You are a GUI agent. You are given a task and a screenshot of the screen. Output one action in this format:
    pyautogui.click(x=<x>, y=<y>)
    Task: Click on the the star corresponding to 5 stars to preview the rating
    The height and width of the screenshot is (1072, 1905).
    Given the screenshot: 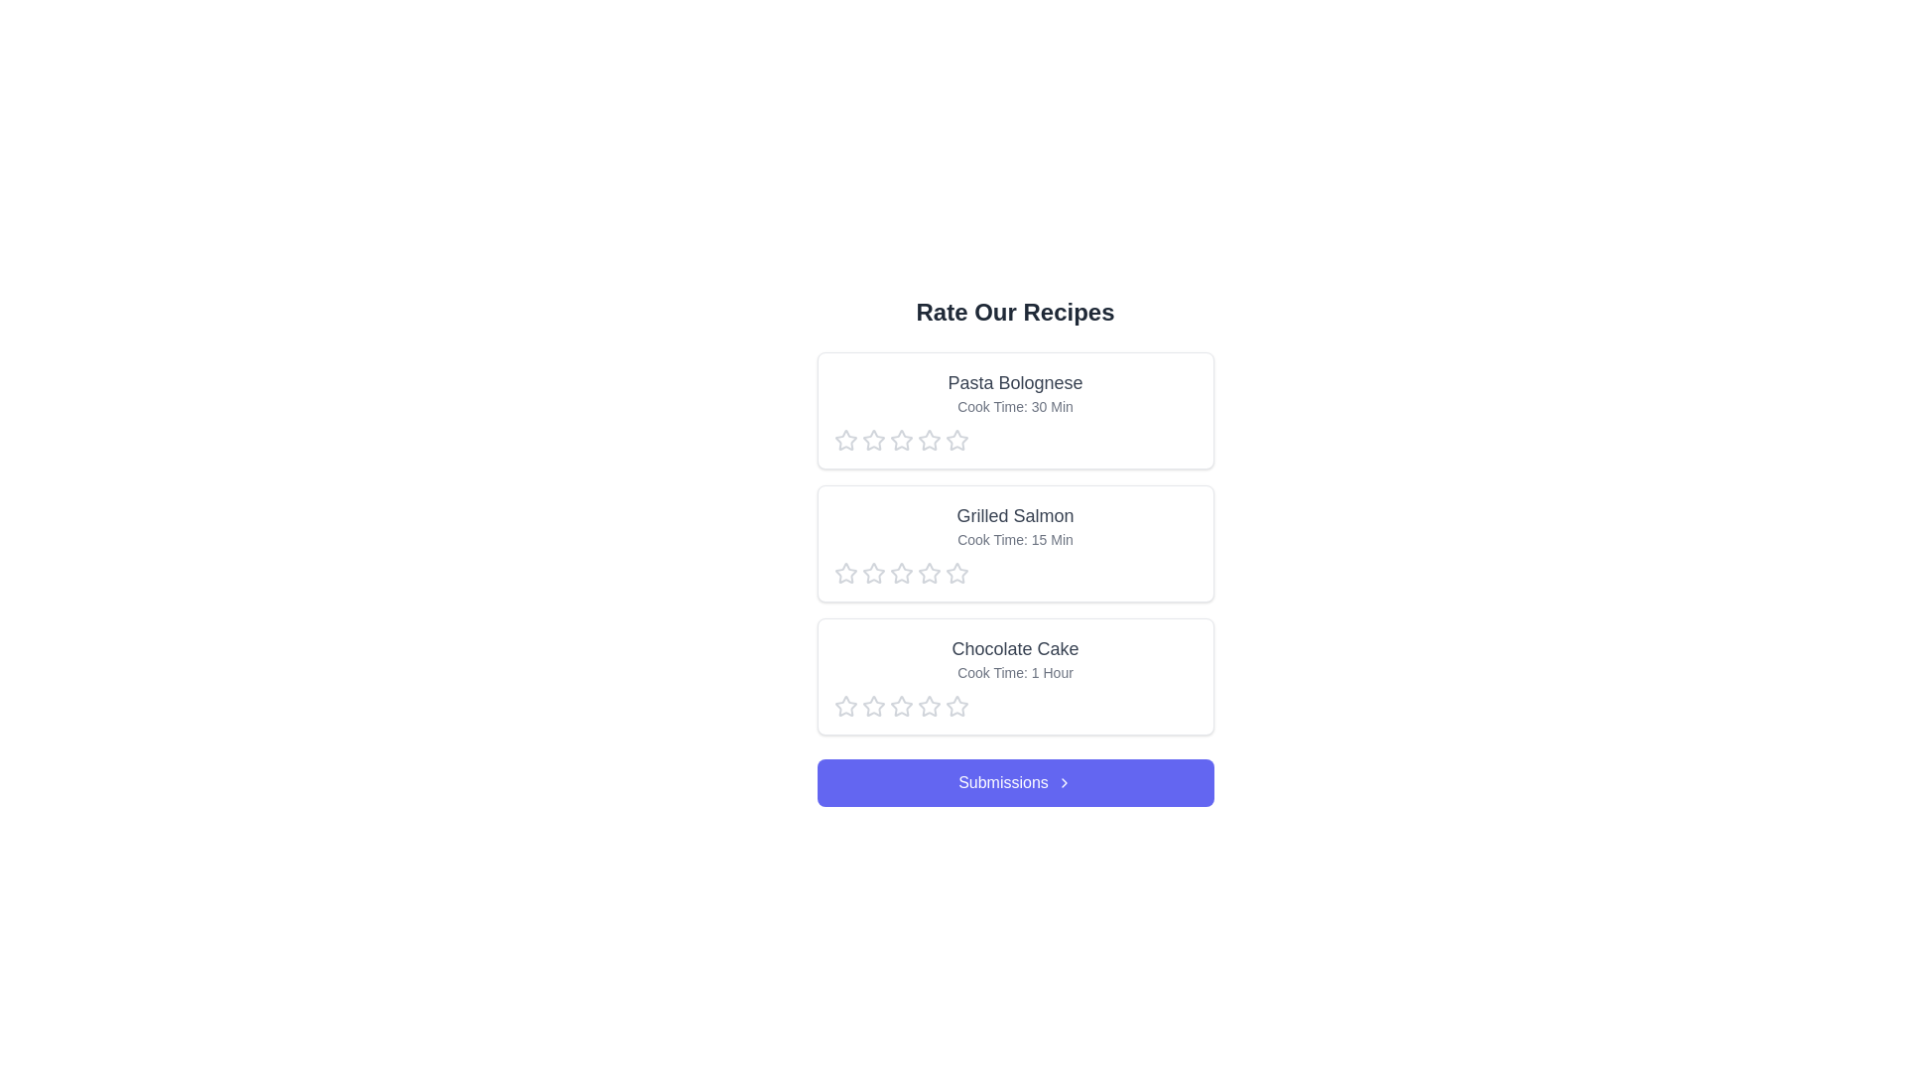 What is the action you would take?
    pyautogui.click(x=956, y=439)
    